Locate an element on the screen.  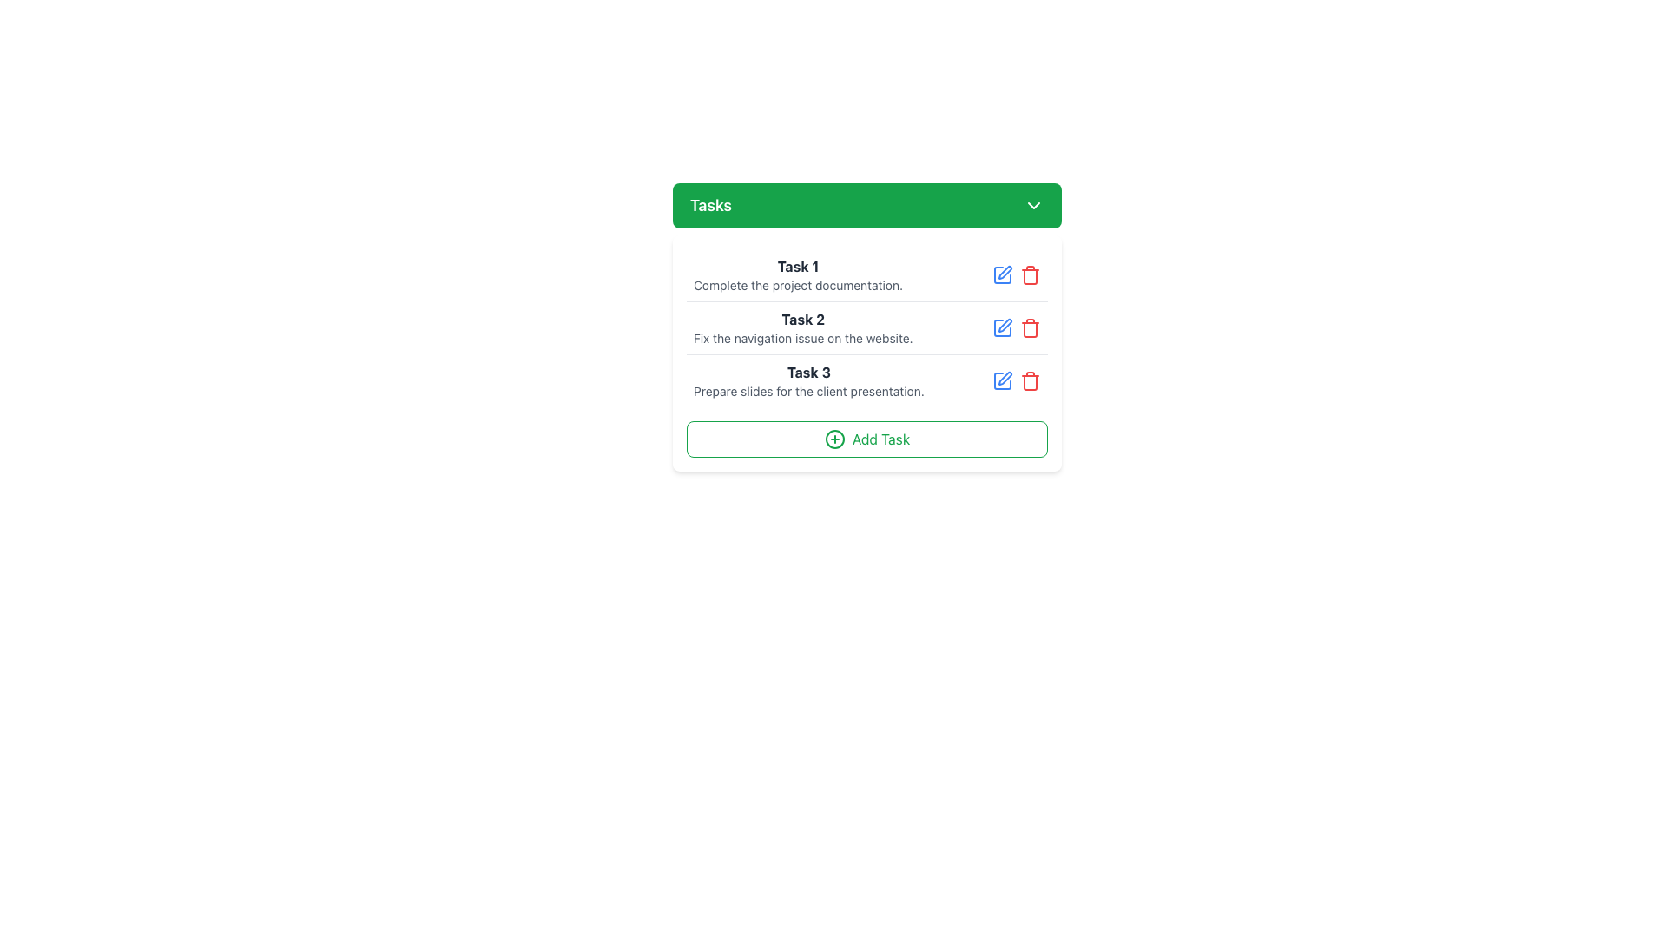
the blue edit icon button located to the right of the text 'Task 1' in the task list is located at coordinates (1003, 274).